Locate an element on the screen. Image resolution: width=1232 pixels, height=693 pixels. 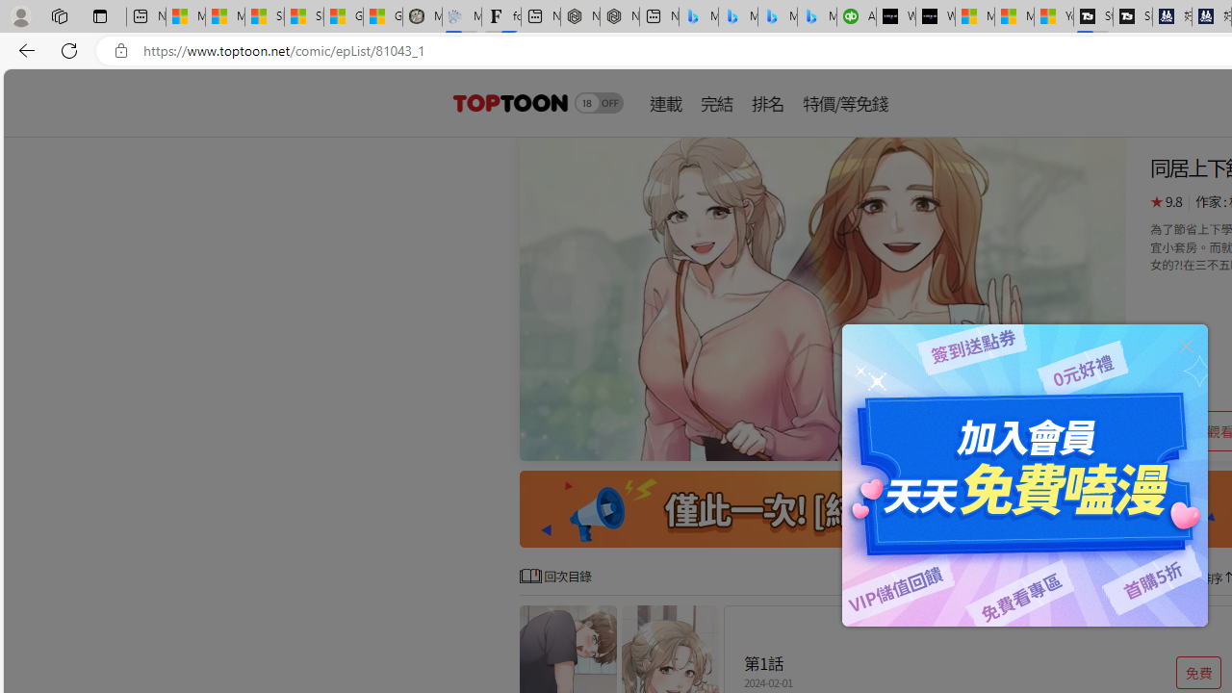
'Microsoft Bing Travel - Stays in Bangkok, Bangkok, Thailand' is located at coordinates (737, 16).